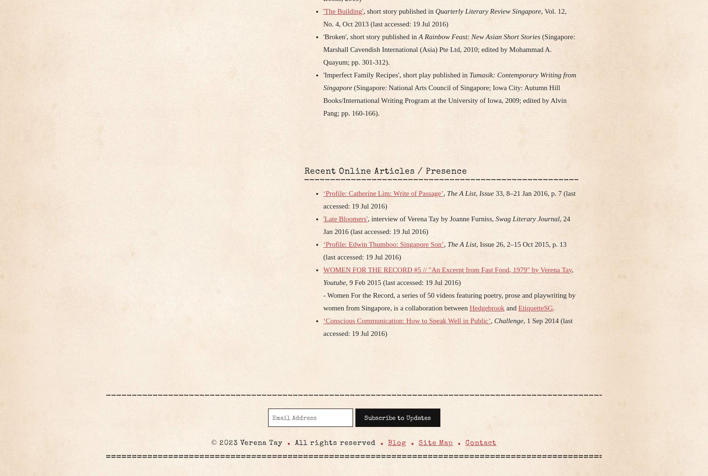 The height and width of the screenshot is (476, 708). Describe the element at coordinates (398, 11) in the screenshot. I see `', short story published in'` at that location.